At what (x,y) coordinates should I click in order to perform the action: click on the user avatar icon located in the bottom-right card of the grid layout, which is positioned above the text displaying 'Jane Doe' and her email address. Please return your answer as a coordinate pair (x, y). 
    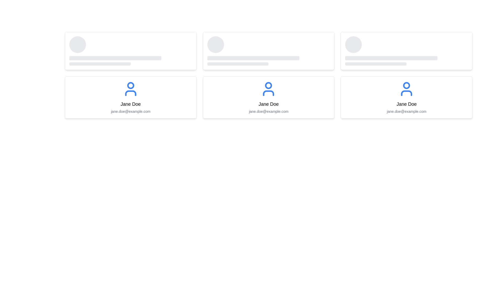
    Looking at the image, I should click on (406, 89).